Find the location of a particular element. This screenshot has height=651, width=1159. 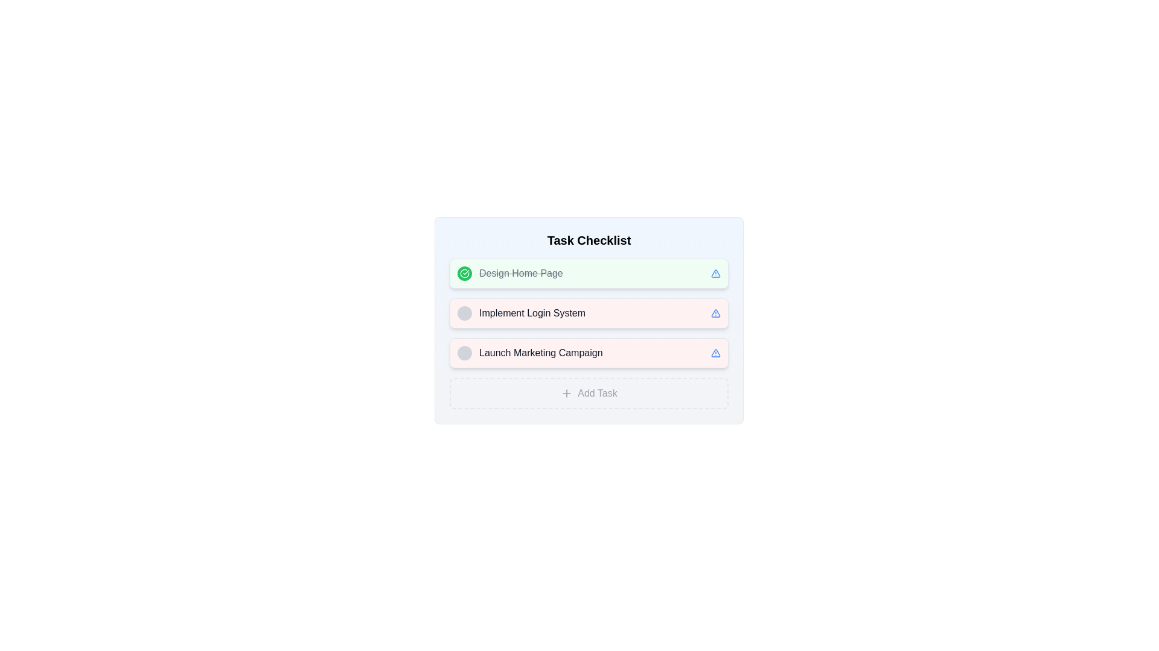

the triangular warning icon with a blue outline located at the far right of the 'Launch Marketing Campaign' row is located at coordinates (715, 313).